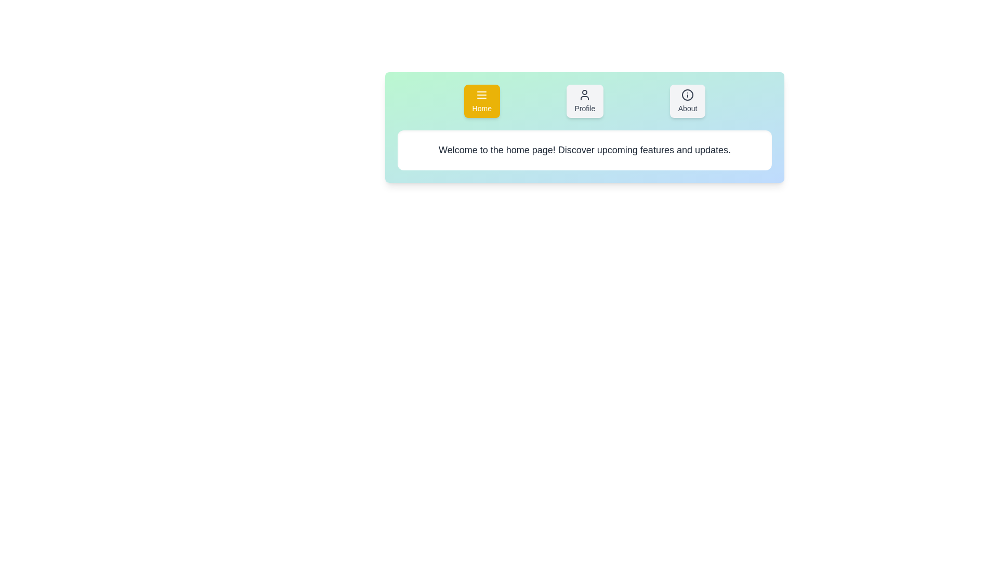 Image resolution: width=998 pixels, height=561 pixels. Describe the element at coordinates (585, 101) in the screenshot. I see `the Profile tab to activate it` at that location.